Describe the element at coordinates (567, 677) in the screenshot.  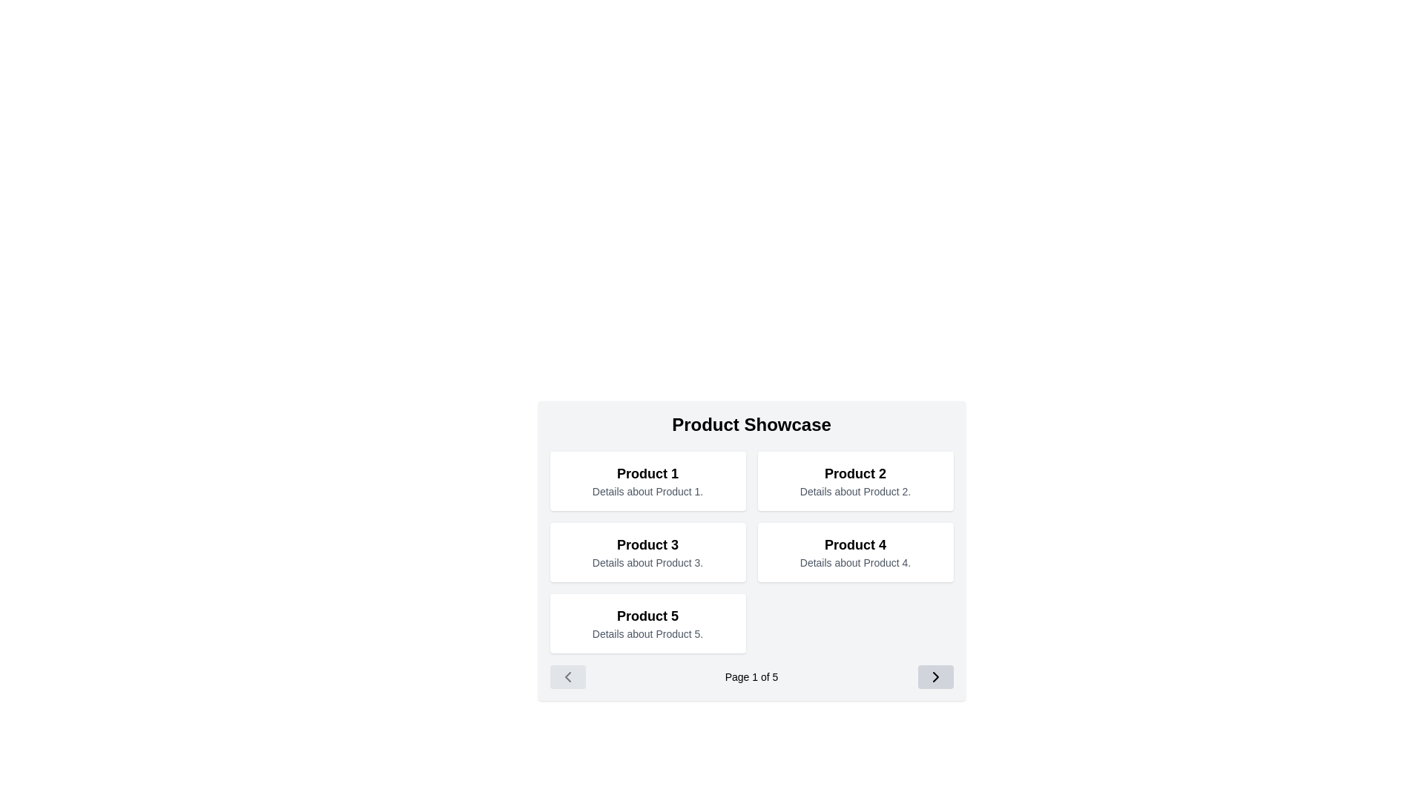
I see `the left-pointing chevron icon in the bottom-left corner of the content area` at that location.